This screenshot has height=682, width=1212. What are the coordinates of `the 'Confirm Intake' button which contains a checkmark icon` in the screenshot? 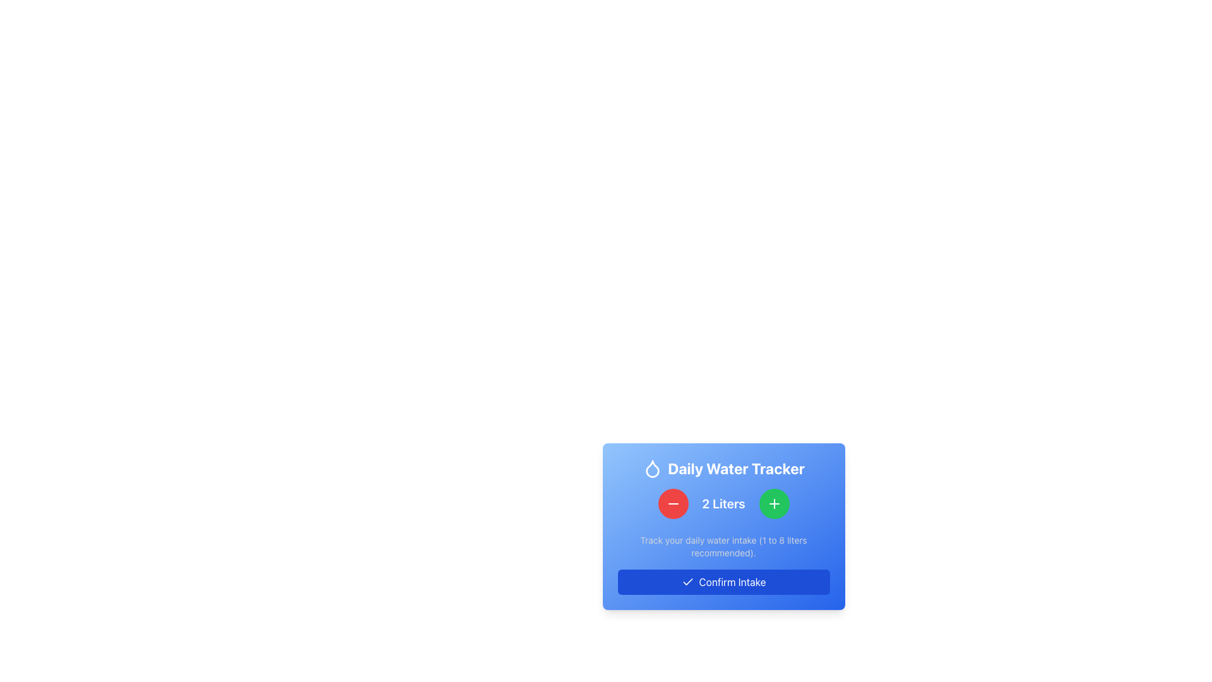 It's located at (687, 582).